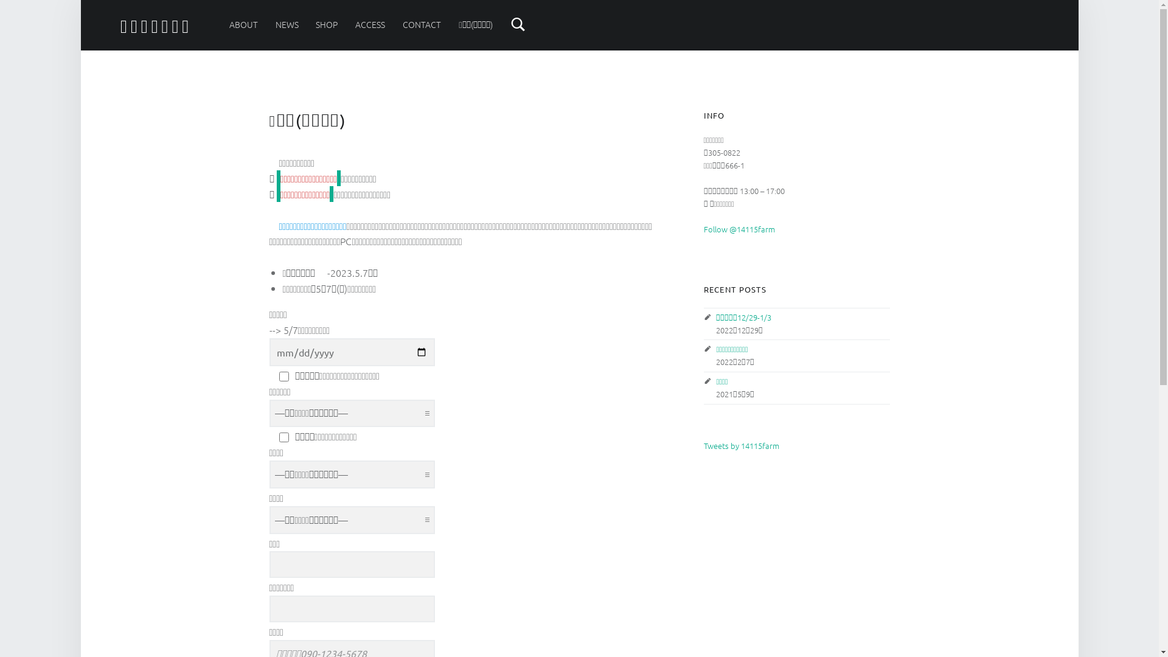  I want to click on 'SHOP', so click(327, 24).